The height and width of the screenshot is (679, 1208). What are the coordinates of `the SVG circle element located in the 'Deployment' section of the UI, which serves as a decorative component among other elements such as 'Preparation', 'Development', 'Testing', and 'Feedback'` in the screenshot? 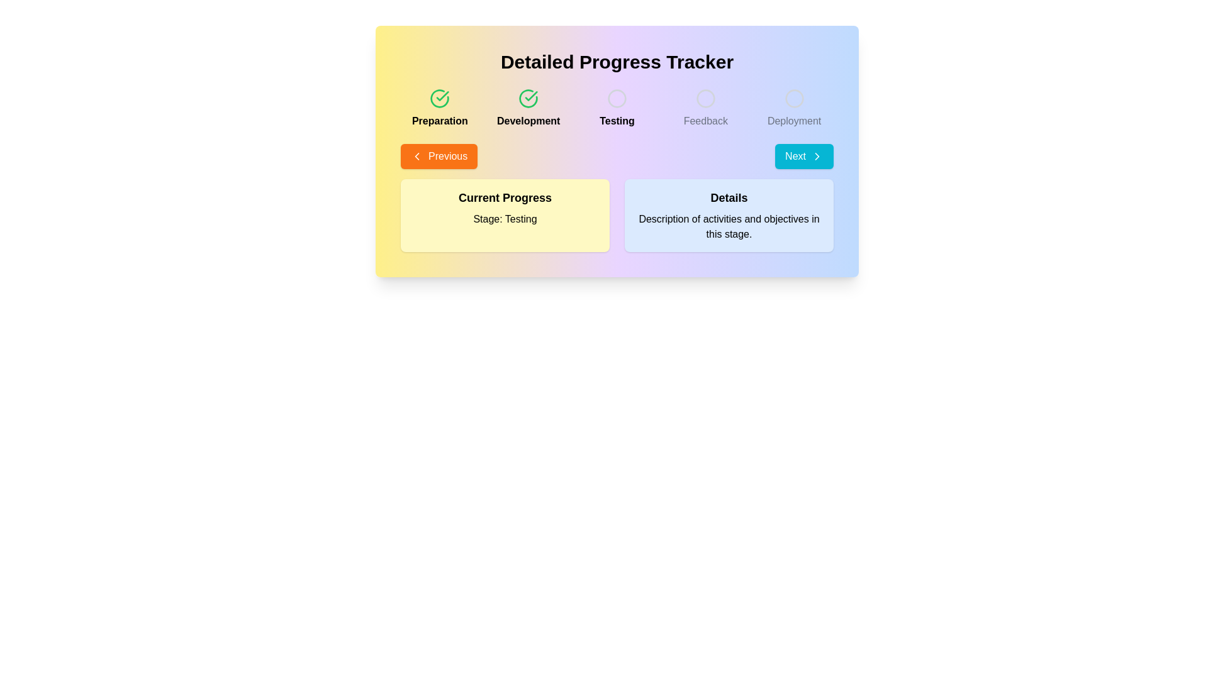 It's located at (793, 98).